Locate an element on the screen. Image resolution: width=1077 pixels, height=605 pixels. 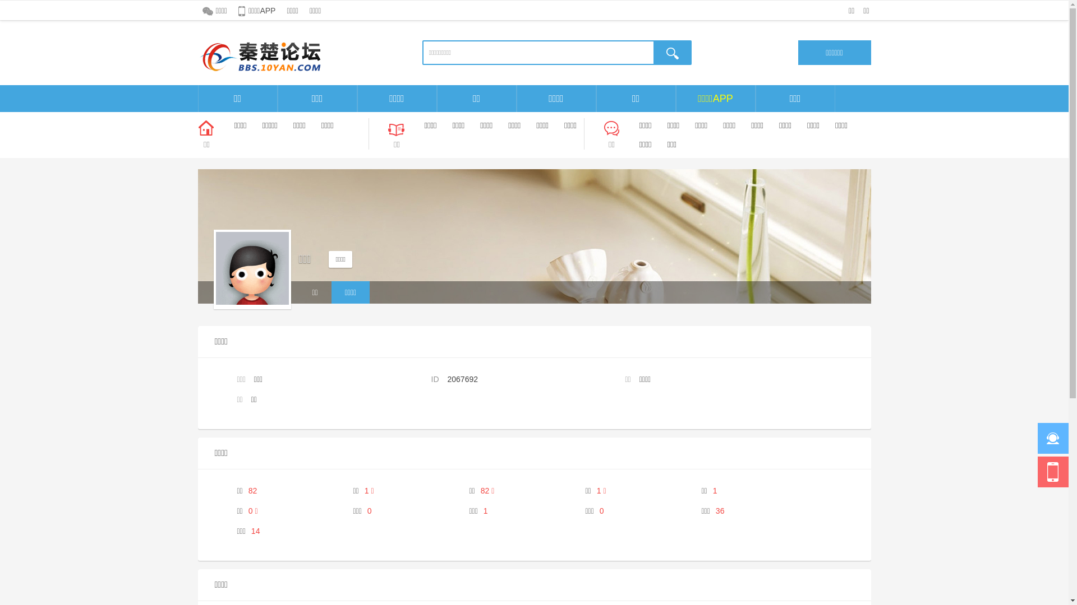
'true' is located at coordinates (673, 52).